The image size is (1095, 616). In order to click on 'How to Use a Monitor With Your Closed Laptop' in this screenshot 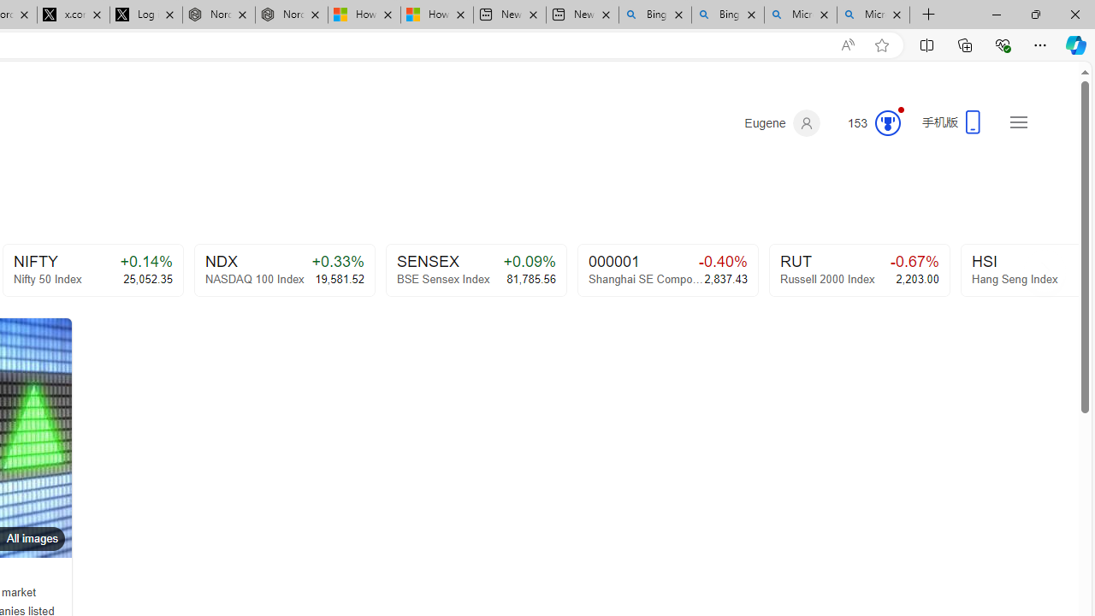, I will do `click(436, 15)`.